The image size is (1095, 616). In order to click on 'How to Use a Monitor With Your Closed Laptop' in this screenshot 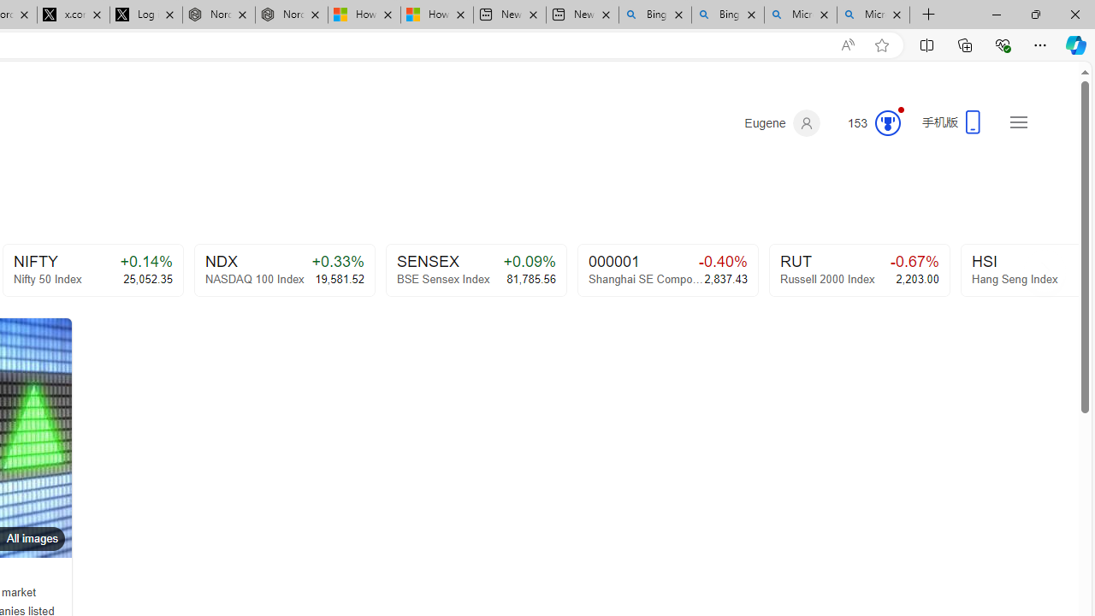, I will do `click(436, 15)`.